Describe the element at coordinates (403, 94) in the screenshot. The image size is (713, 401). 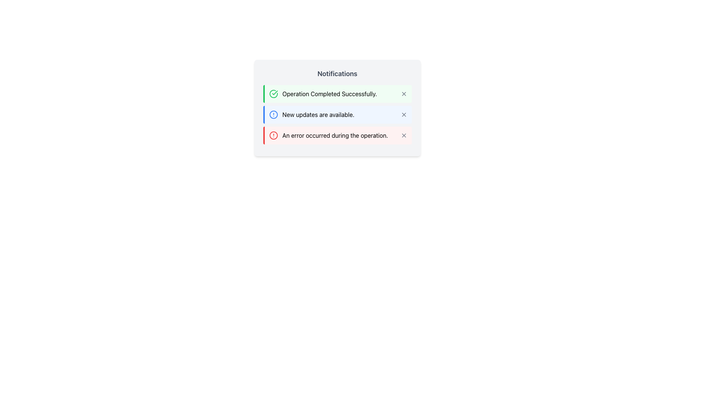
I see `the prominent 'X' icon button located to the far-right of the notification labeled 'Operation Completed Successfully.'` at that location.